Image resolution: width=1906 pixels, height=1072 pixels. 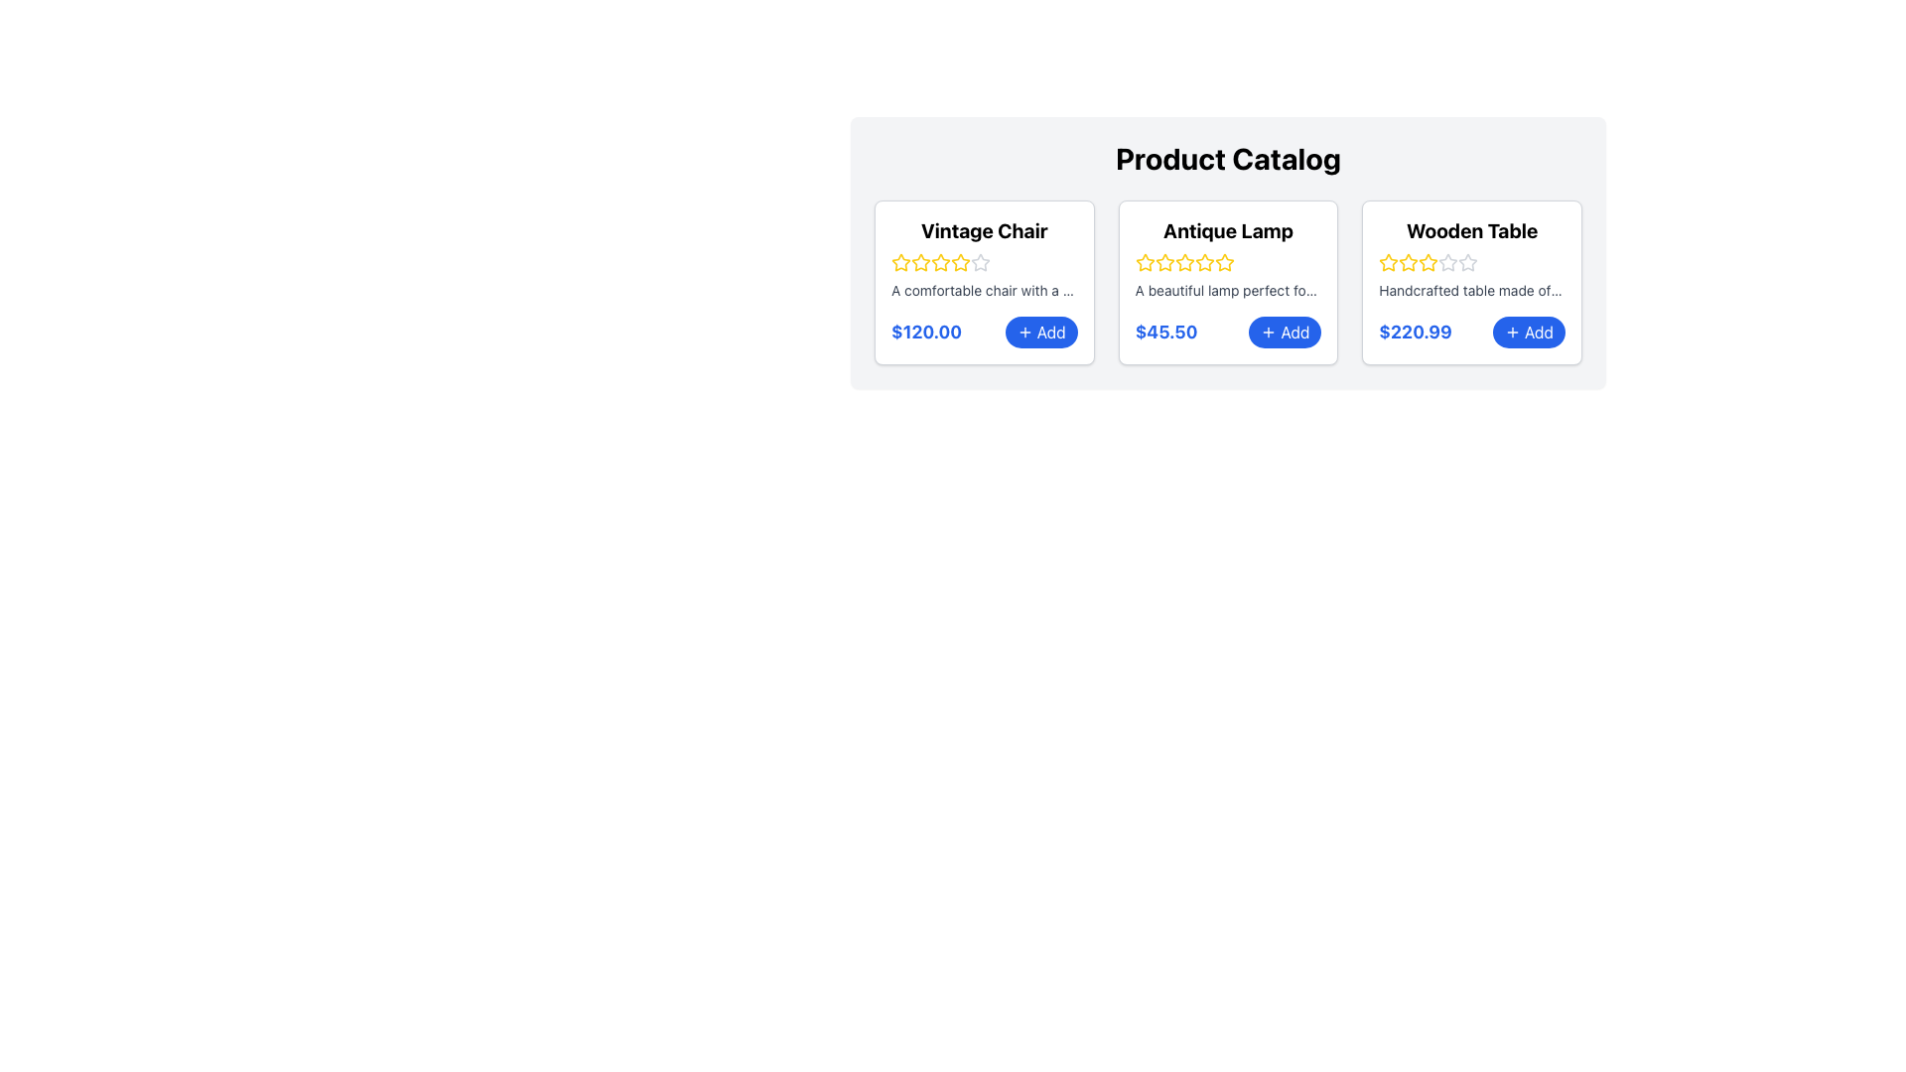 I want to click on the third yellow star in the rating component for the 'Antique Lamp' product, so click(x=1223, y=261).